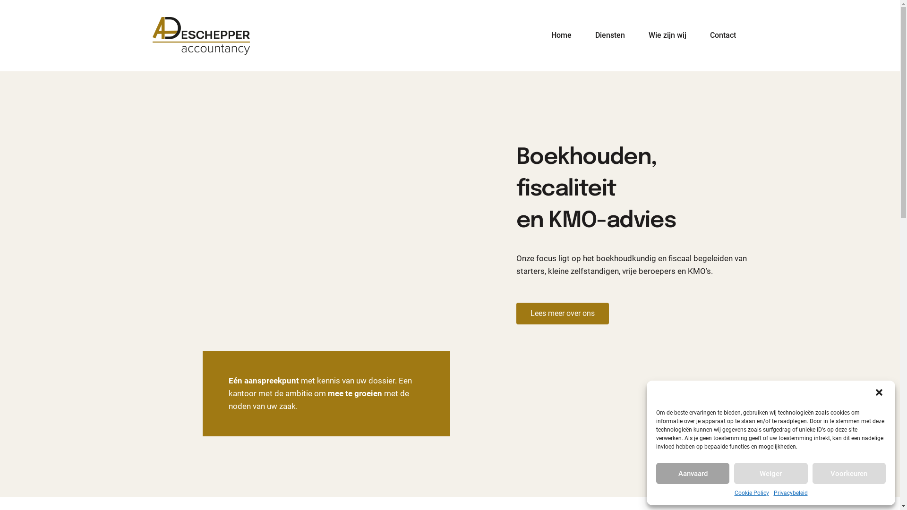 The width and height of the screenshot is (907, 510). I want to click on 'Aanvaard', so click(655, 473).